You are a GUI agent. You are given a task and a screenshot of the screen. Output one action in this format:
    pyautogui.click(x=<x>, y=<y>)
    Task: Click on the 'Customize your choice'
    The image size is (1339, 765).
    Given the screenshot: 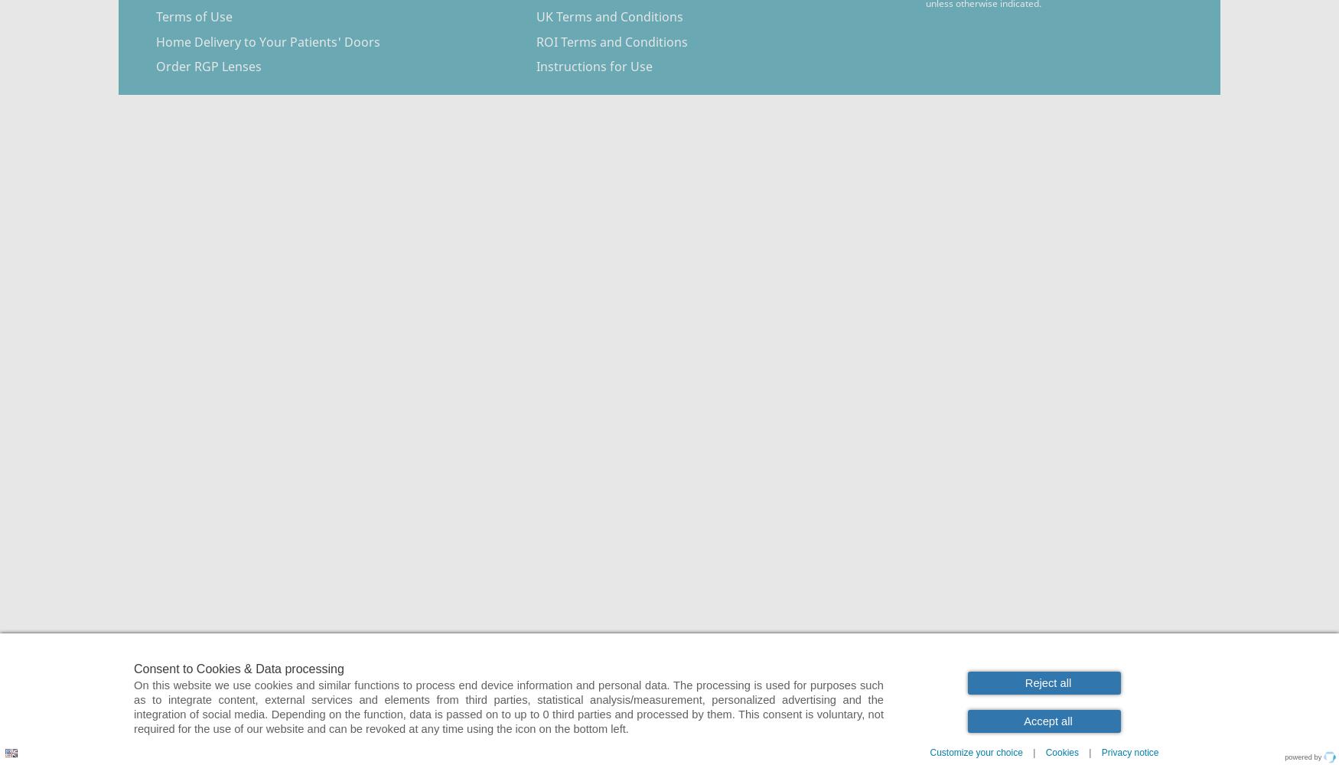 What is the action you would take?
    pyautogui.click(x=975, y=752)
    